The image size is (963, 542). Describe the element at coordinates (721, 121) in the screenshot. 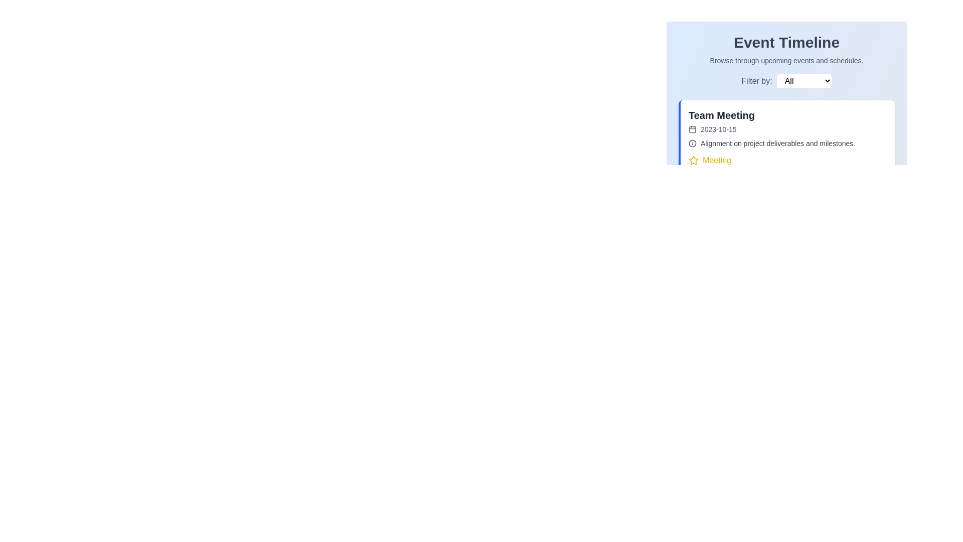

I see `the 'Team Meeting' text block with the calendar icon and subtitle '2023-10-15'` at that location.